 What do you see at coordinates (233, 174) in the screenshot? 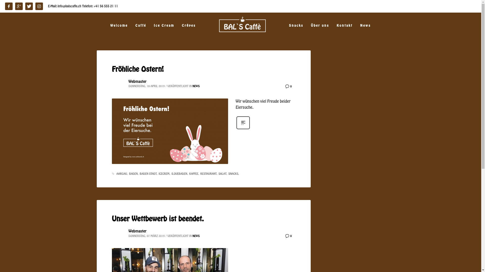
I see `'SNACKS'` at bounding box center [233, 174].